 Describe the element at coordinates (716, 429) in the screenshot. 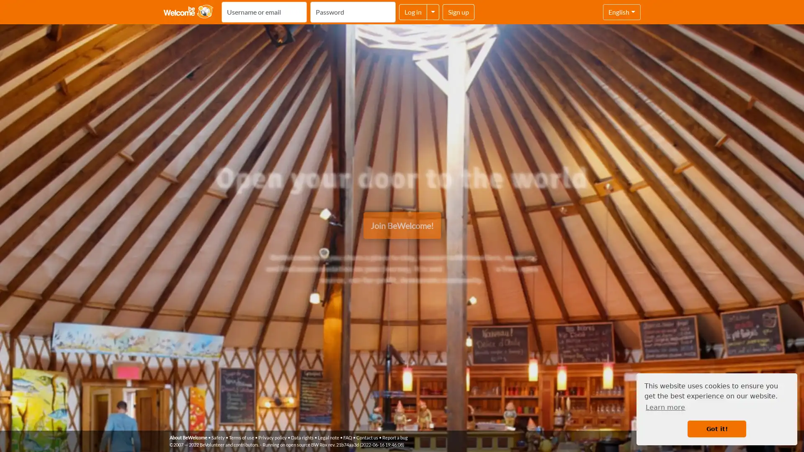

I see `dismiss cookie message` at that location.